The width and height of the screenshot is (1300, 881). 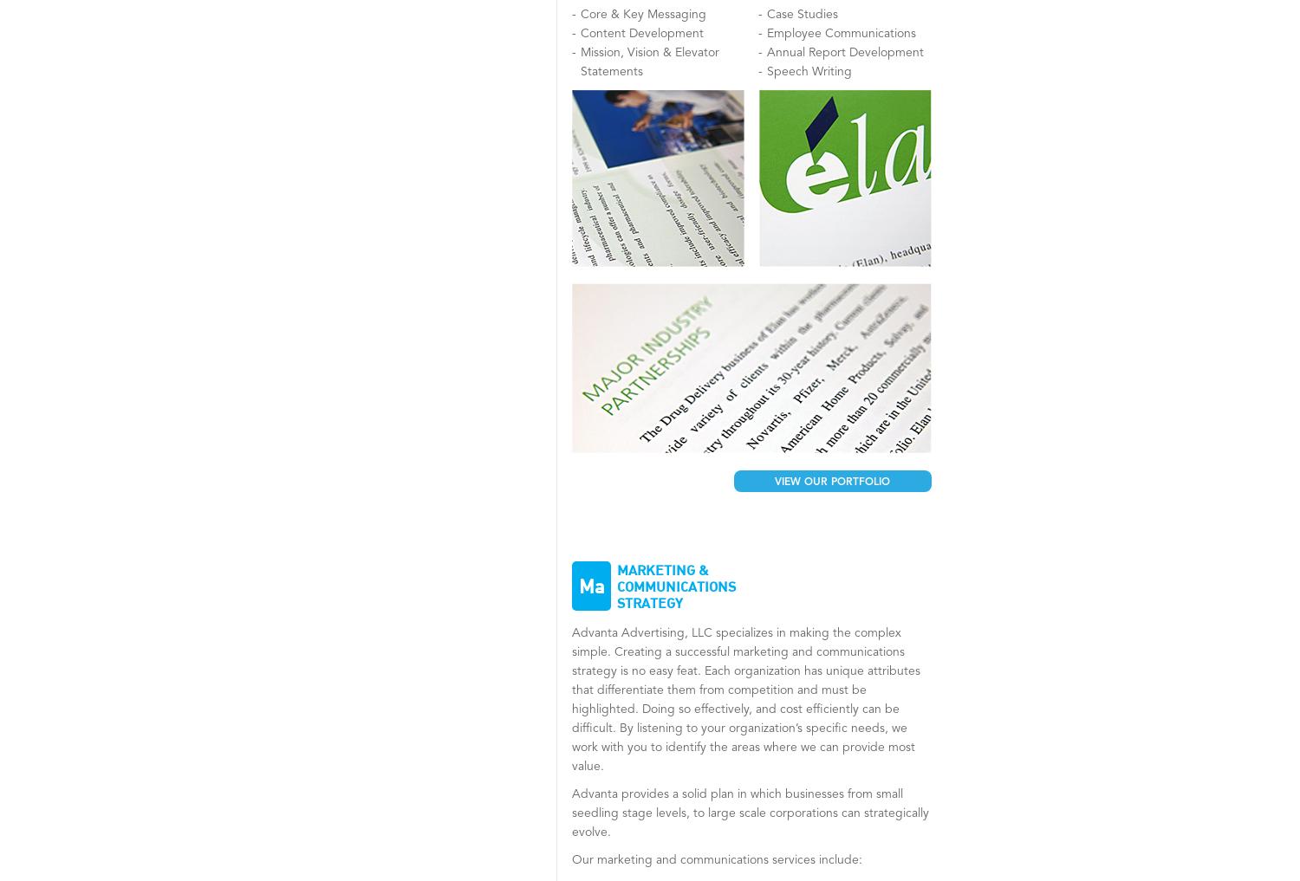 What do you see at coordinates (716, 859) in the screenshot?
I see `'Our marketing and communications services include:'` at bounding box center [716, 859].